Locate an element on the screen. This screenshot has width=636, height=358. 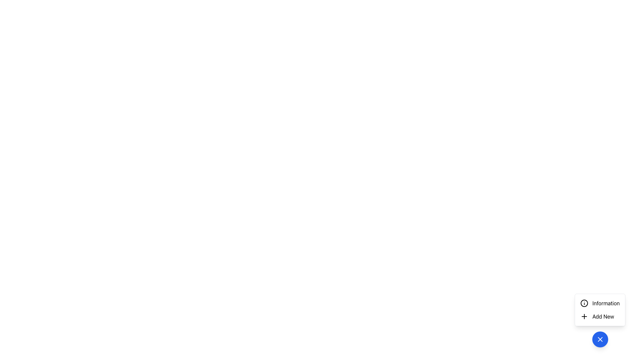
central circle element of the information icon to determine if it is currently active is located at coordinates (584, 303).